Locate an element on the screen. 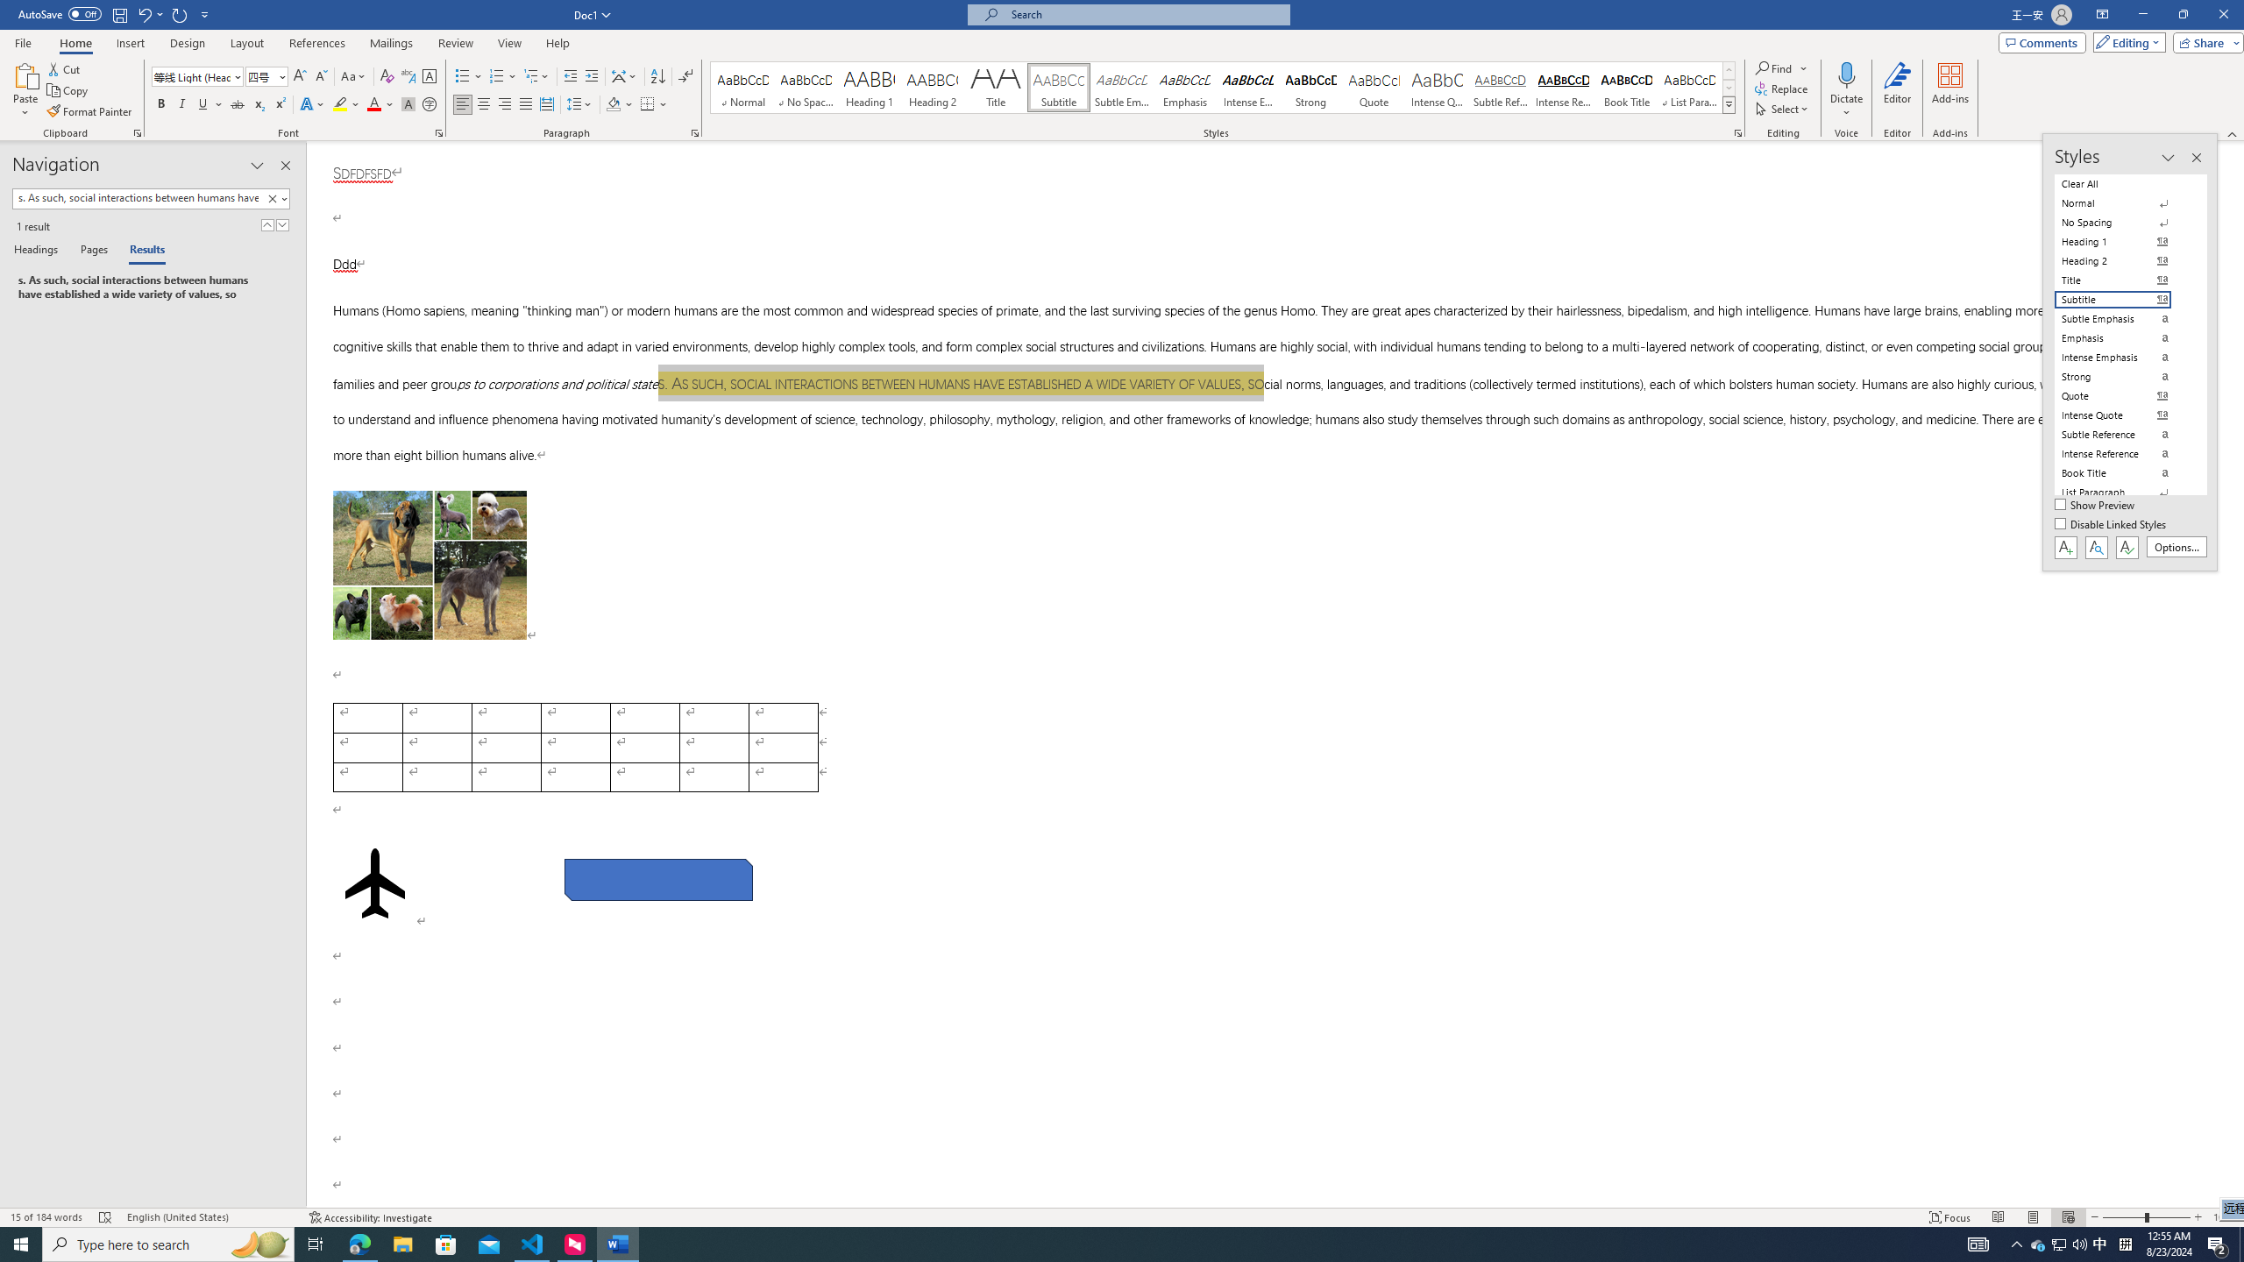 The width and height of the screenshot is (2244, 1262). 'Task Pane Options' is located at coordinates (257, 165).